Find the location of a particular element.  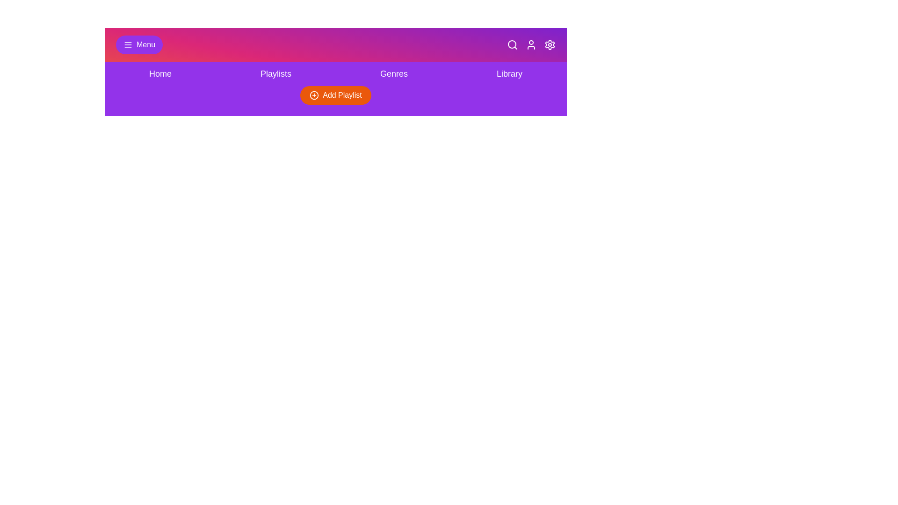

the navigation link corresponding to Library to navigate to that section is located at coordinates (509, 73).